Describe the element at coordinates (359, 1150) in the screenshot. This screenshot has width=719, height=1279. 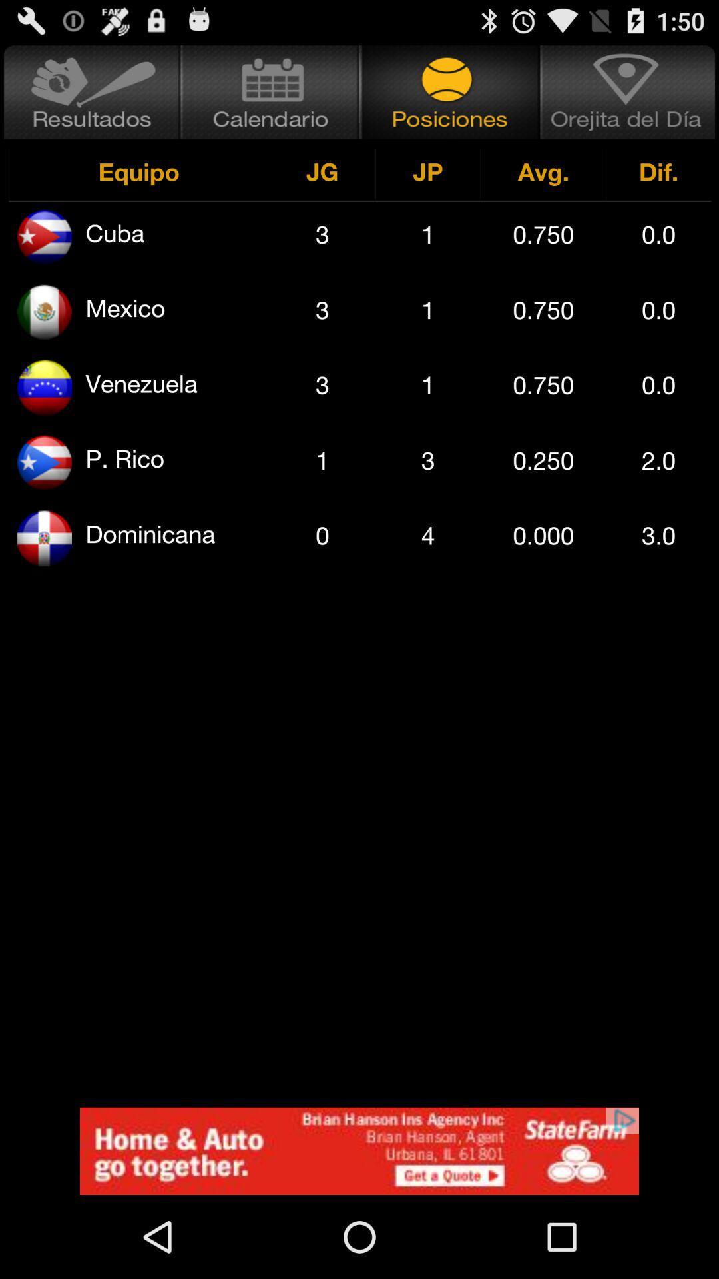
I see `more information about an advertisement` at that location.